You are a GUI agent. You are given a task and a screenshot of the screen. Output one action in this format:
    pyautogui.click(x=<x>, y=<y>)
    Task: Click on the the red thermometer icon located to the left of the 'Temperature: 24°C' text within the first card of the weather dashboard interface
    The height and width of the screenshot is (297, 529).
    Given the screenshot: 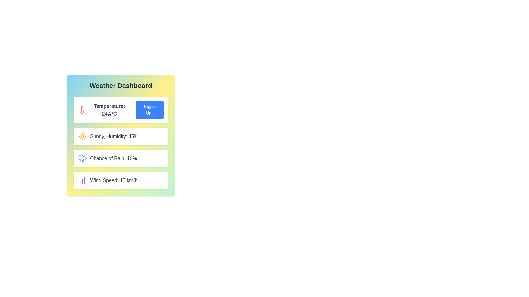 What is the action you would take?
    pyautogui.click(x=82, y=110)
    